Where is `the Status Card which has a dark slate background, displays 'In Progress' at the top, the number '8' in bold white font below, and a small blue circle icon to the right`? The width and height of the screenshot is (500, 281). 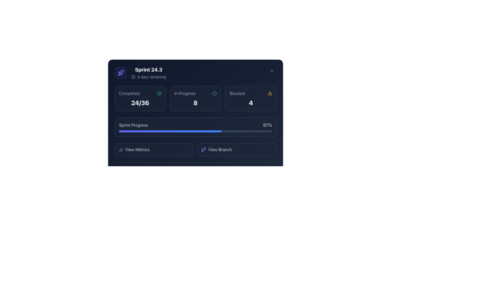 the Status Card which has a dark slate background, displays 'In Progress' at the top, the number '8' in bold white font below, and a small blue circle icon to the right is located at coordinates (195, 98).